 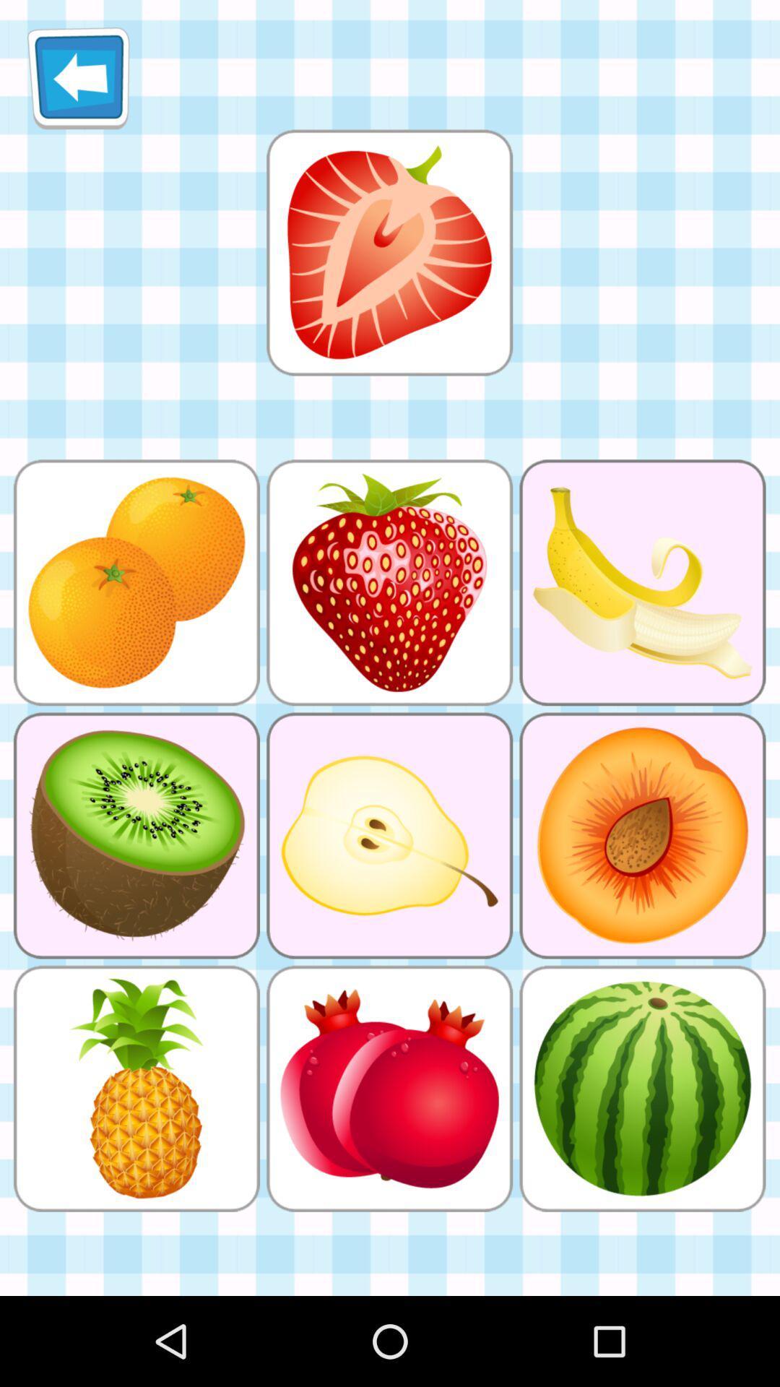 What do you see at coordinates (389, 252) in the screenshot?
I see `picture` at bounding box center [389, 252].